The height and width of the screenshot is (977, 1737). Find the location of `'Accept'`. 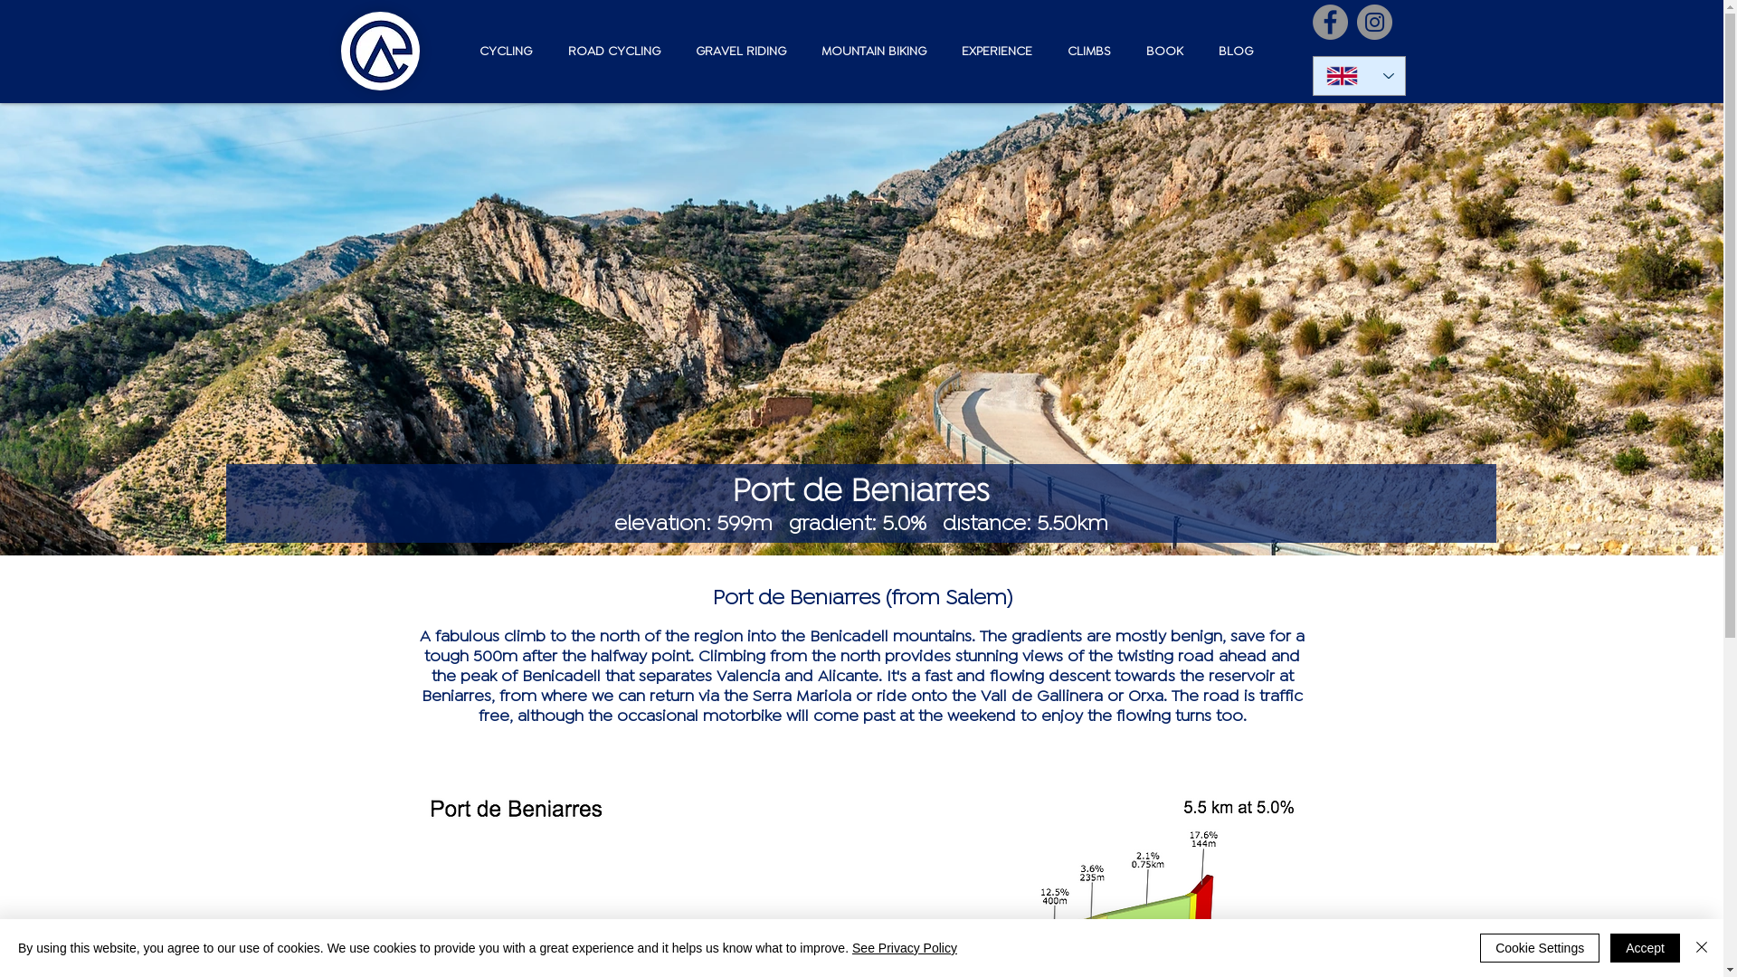

'Accept' is located at coordinates (1645, 947).